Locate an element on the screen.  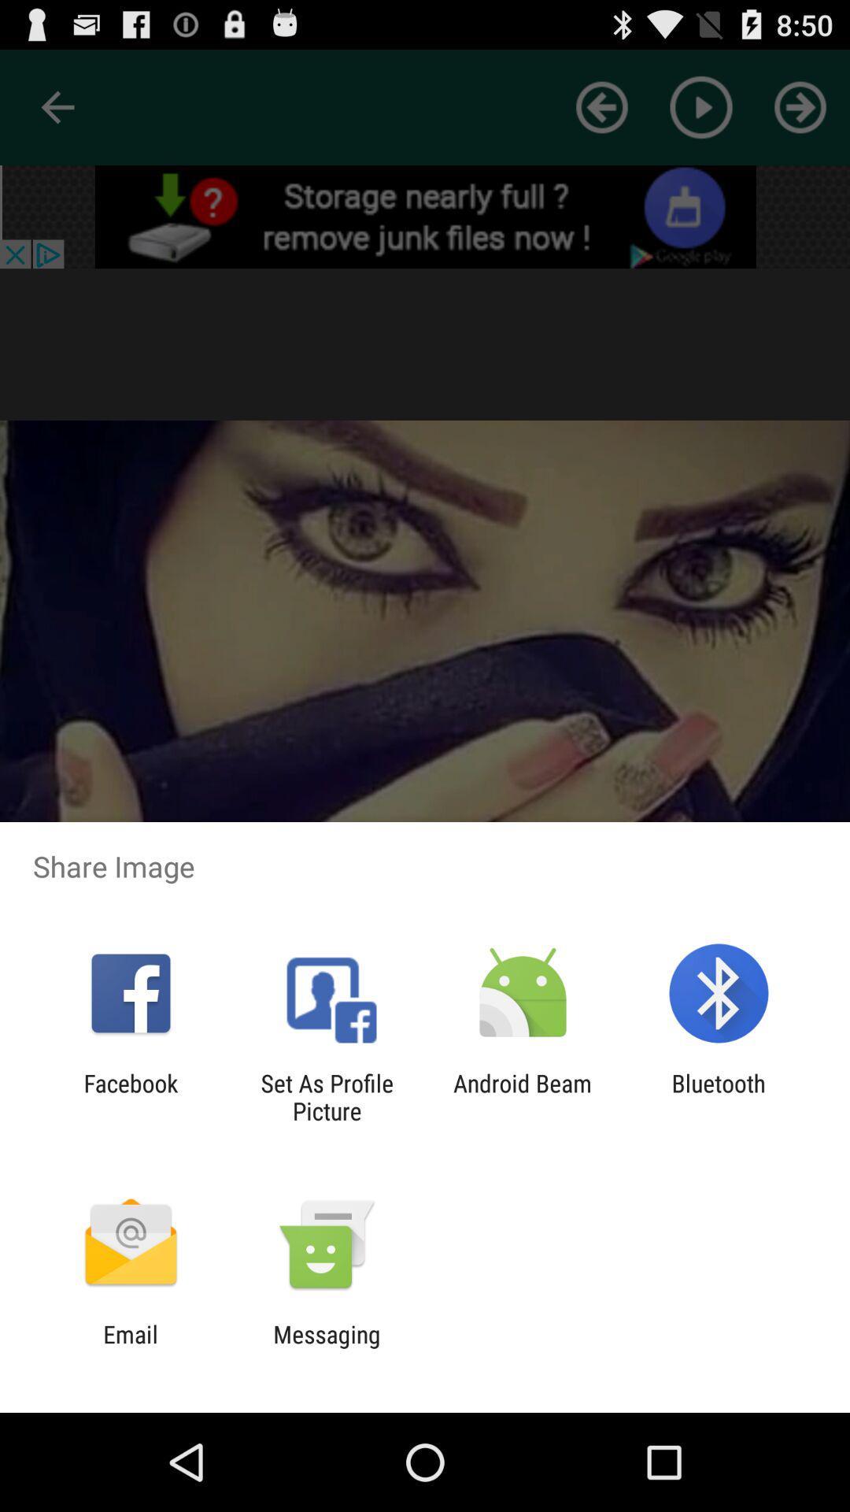
the app at the bottom right corner is located at coordinates (719, 1096).